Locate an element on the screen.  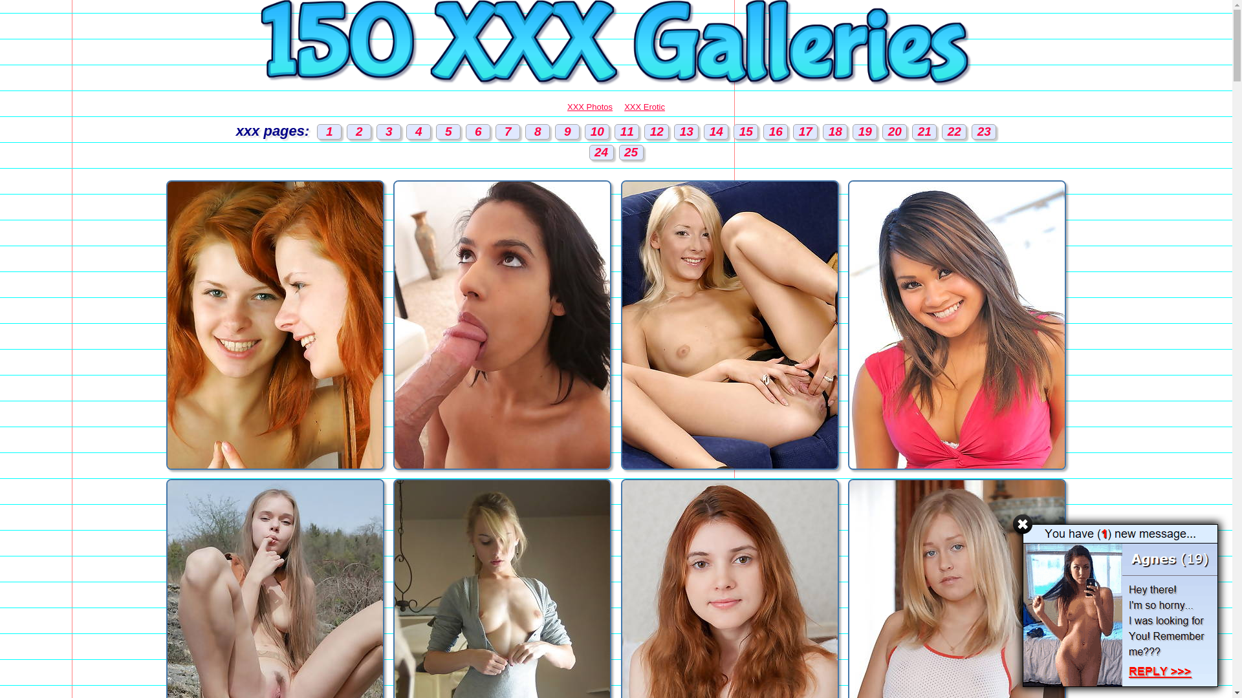
'19' is located at coordinates (865, 132).